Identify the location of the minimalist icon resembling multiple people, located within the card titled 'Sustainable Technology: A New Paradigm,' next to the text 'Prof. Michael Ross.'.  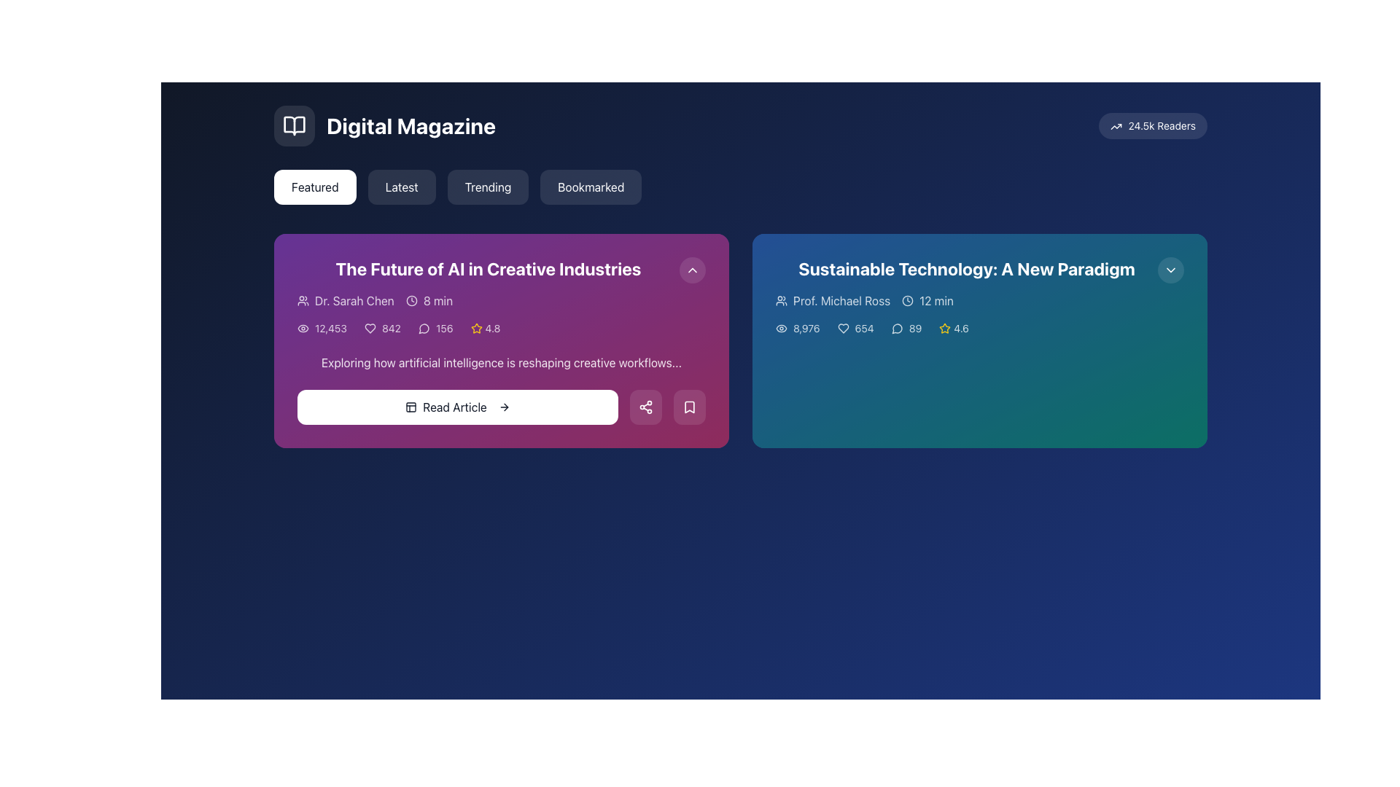
(780, 299).